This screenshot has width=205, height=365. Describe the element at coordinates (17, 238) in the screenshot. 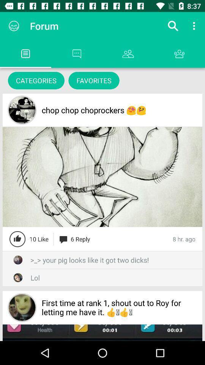

I see `like` at that location.